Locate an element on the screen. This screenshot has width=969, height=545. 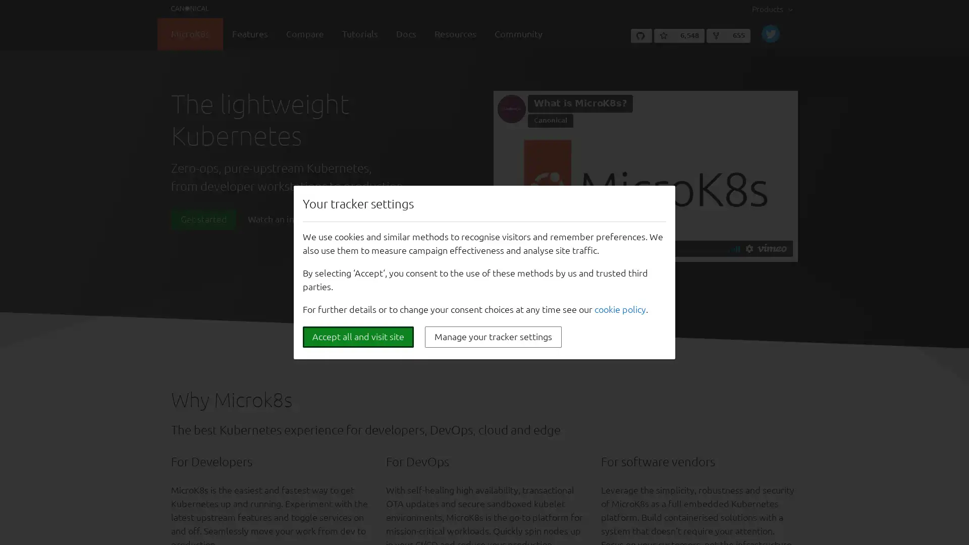
Accept all and visit site is located at coordinates (358, 337).